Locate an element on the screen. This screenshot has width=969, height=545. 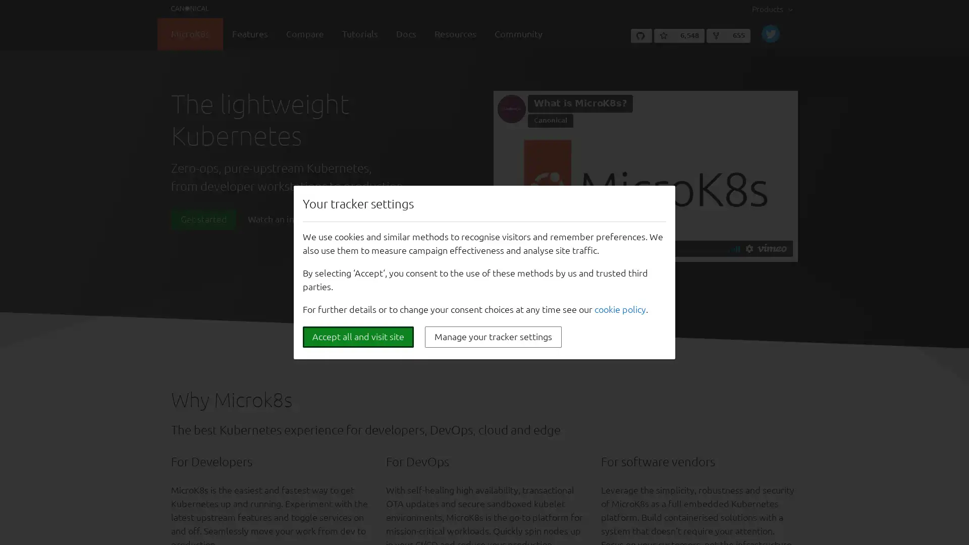
Accept all and visit site is located at coordinates (358, 337).